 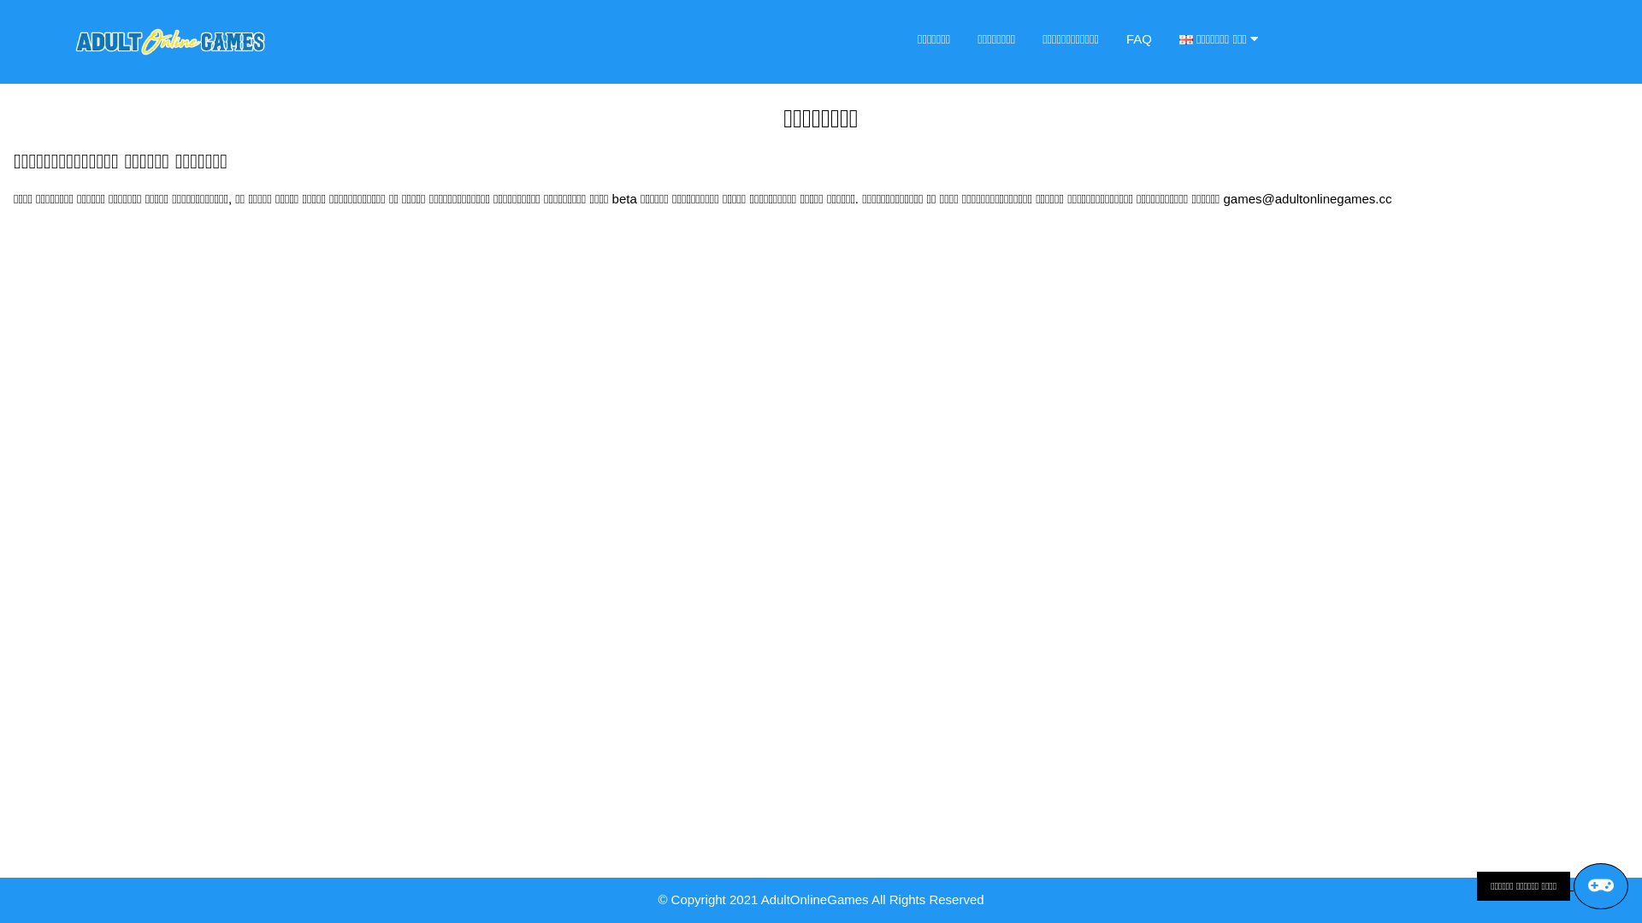 I want to click on 'FAQ', so click(x=1138, y=38).